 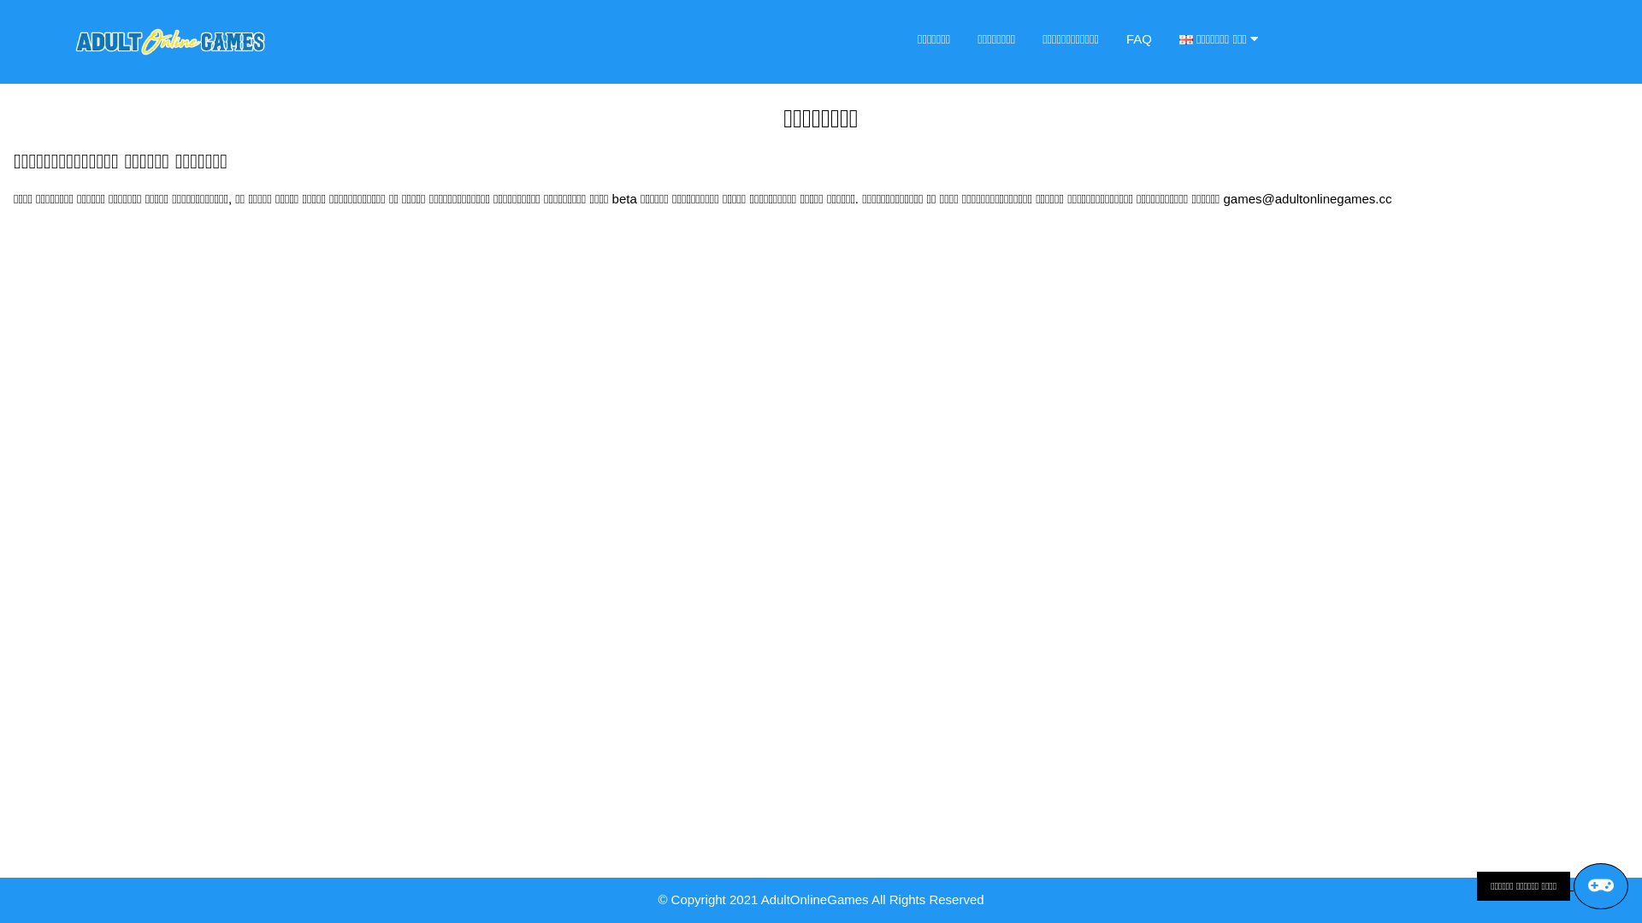 I want to click on 'FAQ', so click(x=1138, y=38).